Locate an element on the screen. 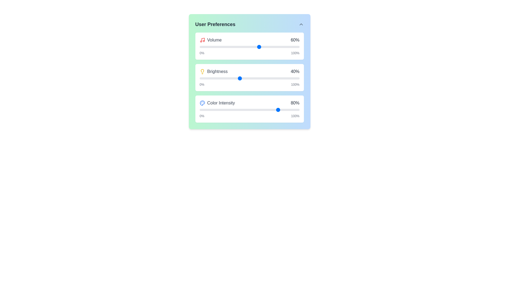  the red musical note icon located to the left of the 'Volume' label in the settings interface is located at coordinates (202, 40).